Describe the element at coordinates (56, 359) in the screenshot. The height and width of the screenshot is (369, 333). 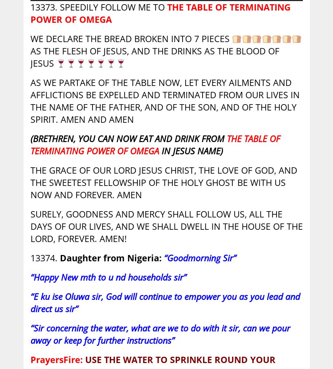
I see `'PrayersFire:'` at that location.